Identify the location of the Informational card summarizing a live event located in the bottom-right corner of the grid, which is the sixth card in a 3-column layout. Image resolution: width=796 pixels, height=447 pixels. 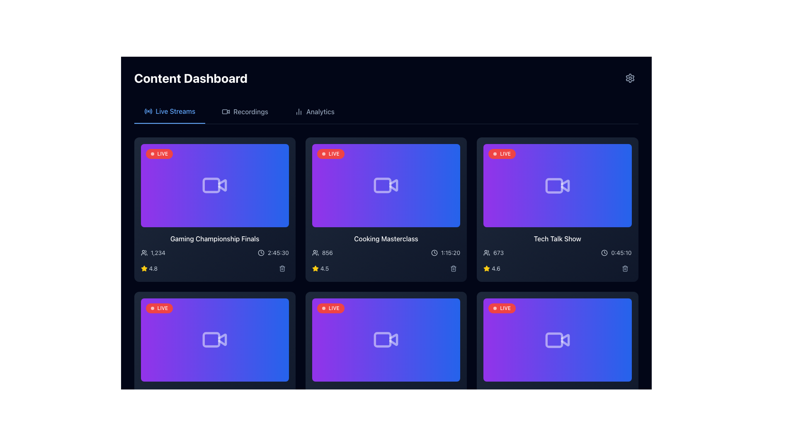
(557, 363).